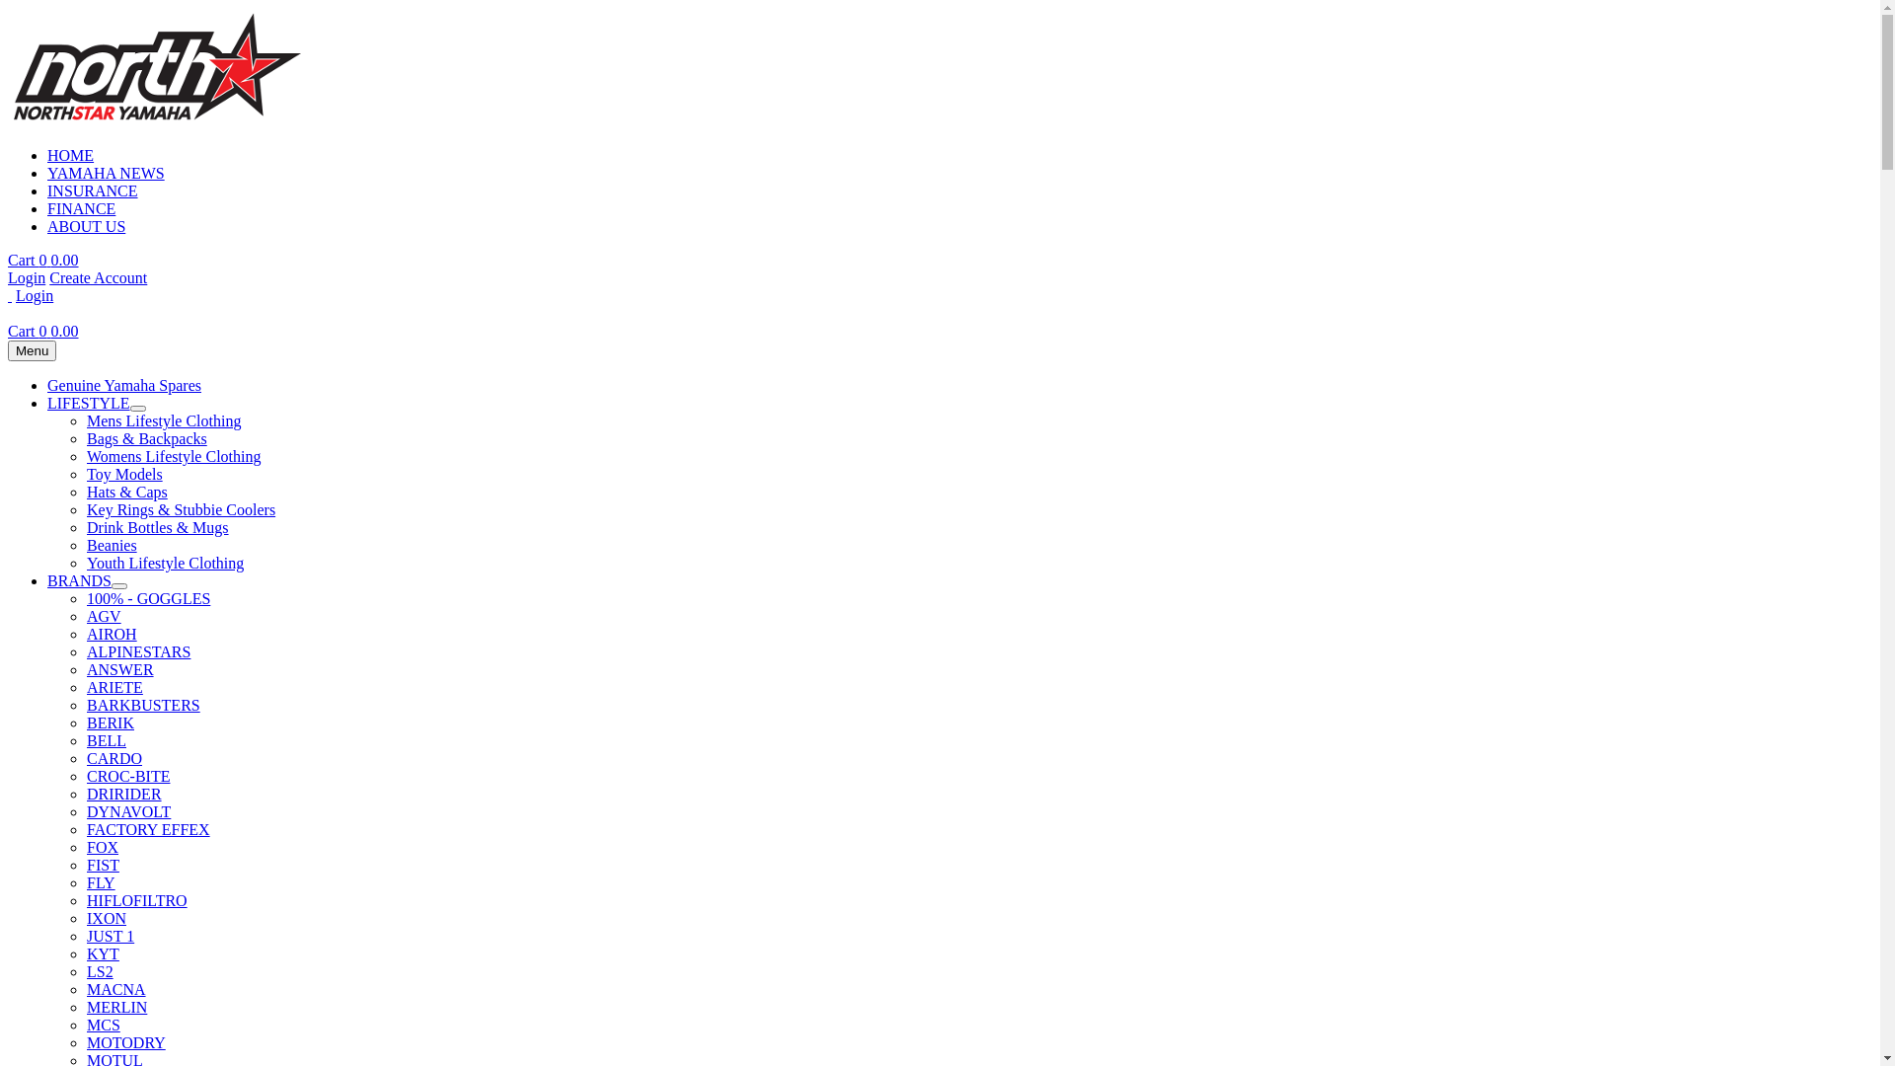 This screenshot has width=1895, height=1066. What do you see at coordinates (85, 545) in the screenshot?
I see `'Beanies'` at bounding box center [85, 545].